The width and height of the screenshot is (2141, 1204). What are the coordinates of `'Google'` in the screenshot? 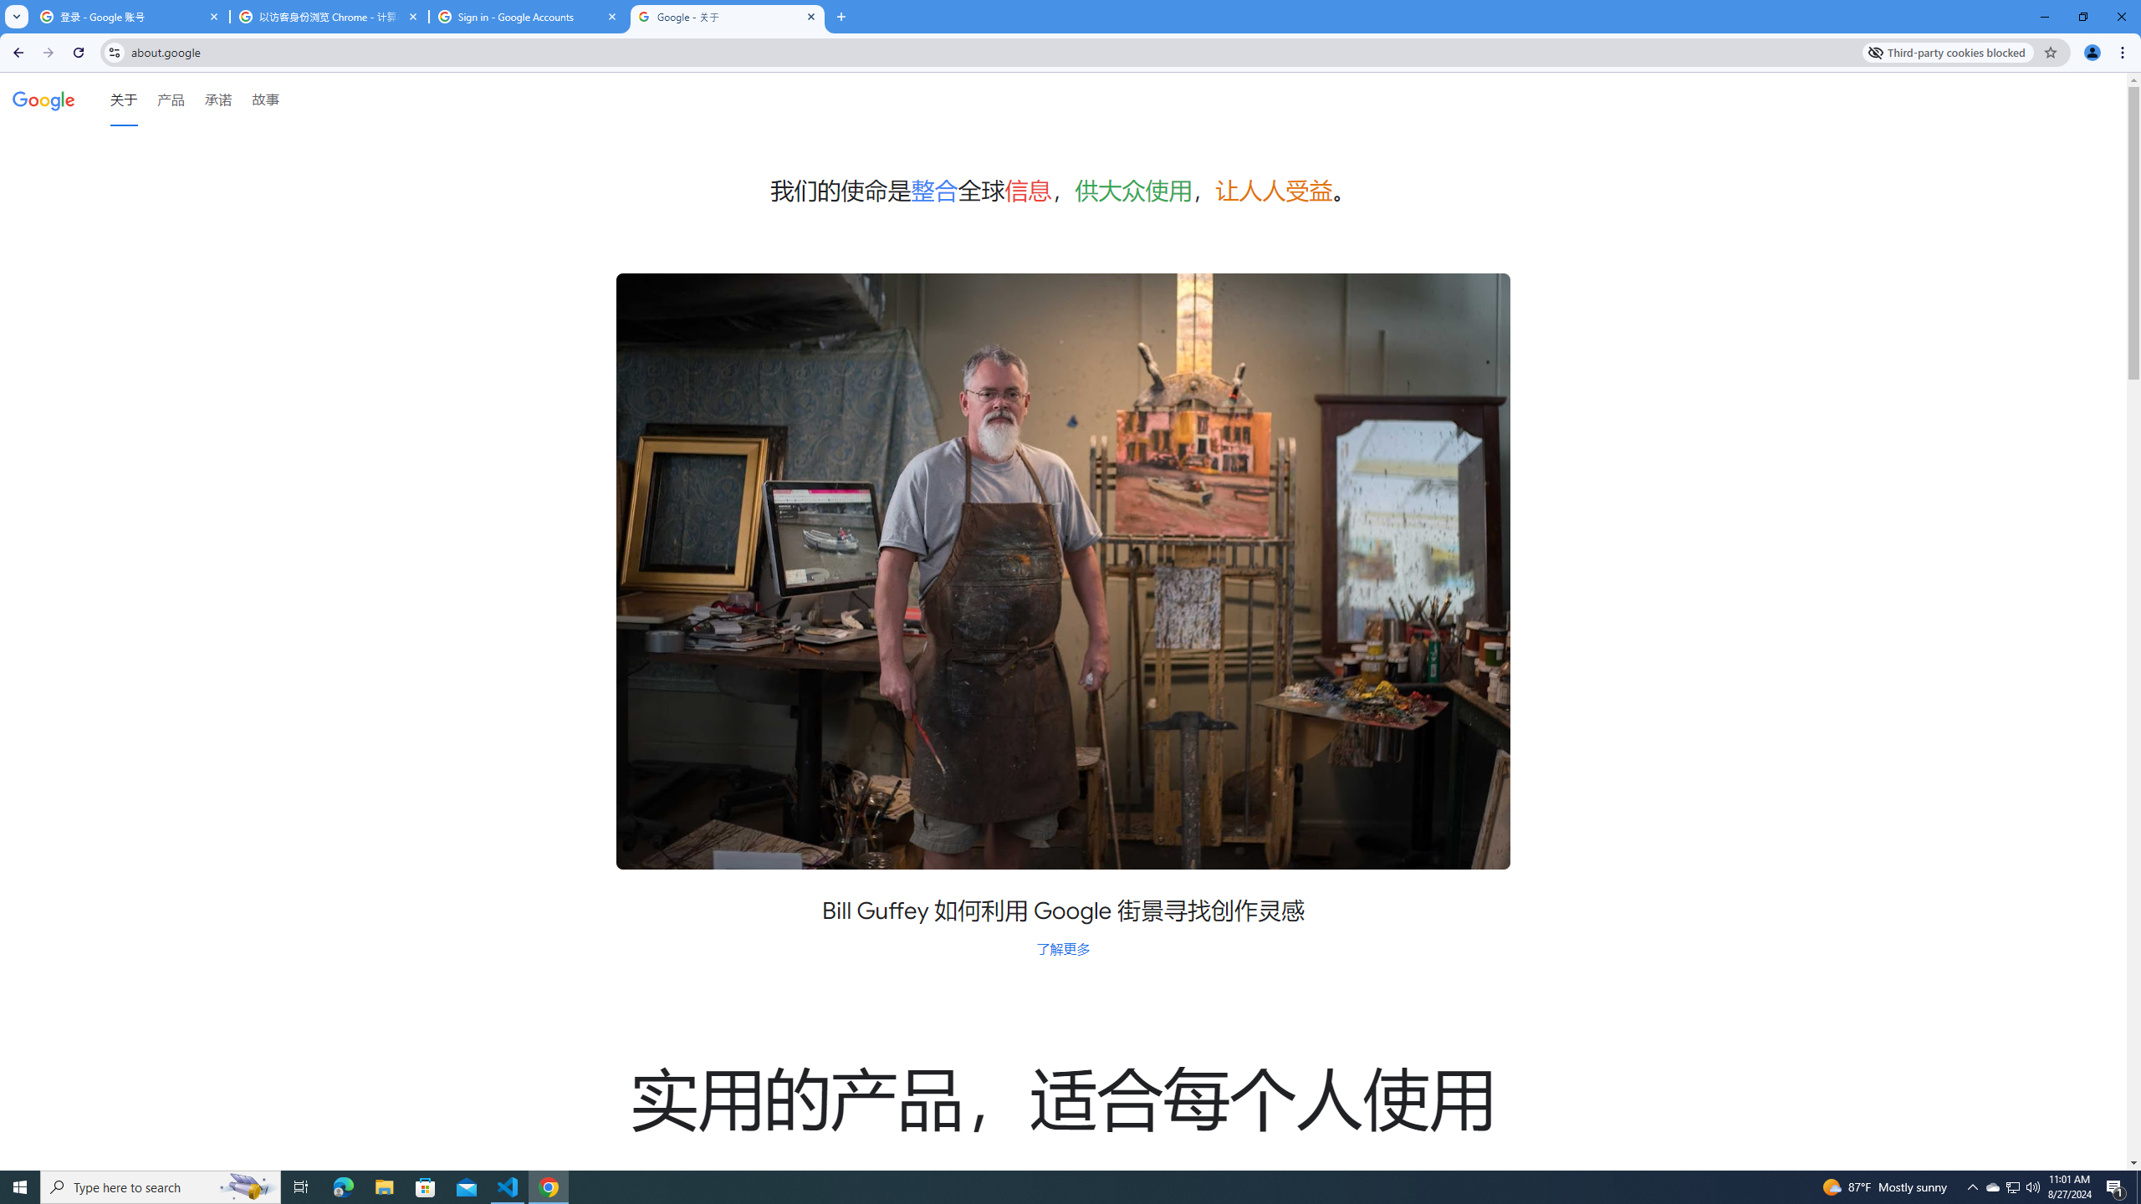 It's located at (43, 99).